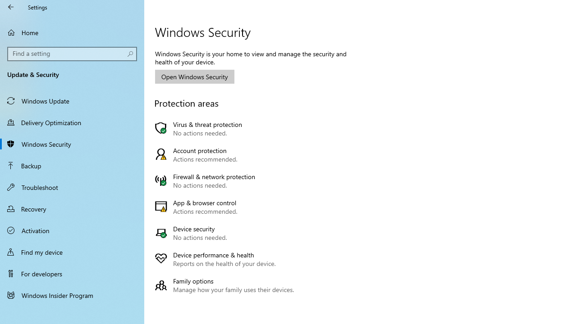 This screenshot has width=577, height=324. Describe the element at coordinates (72, 165) in the screenshot. I see `'Backup'` at that location.